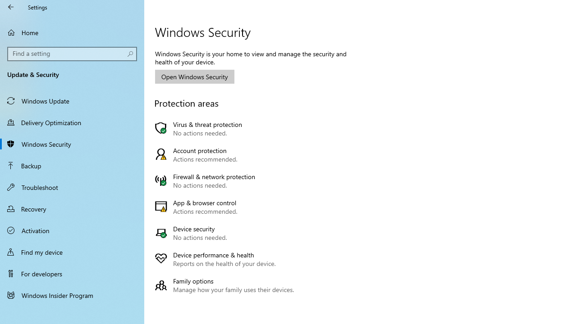 This screenshot has width=577, height=324. Describe the element at coordinates (72, 165) in the screenshot. I see `'Backup'` at that location.